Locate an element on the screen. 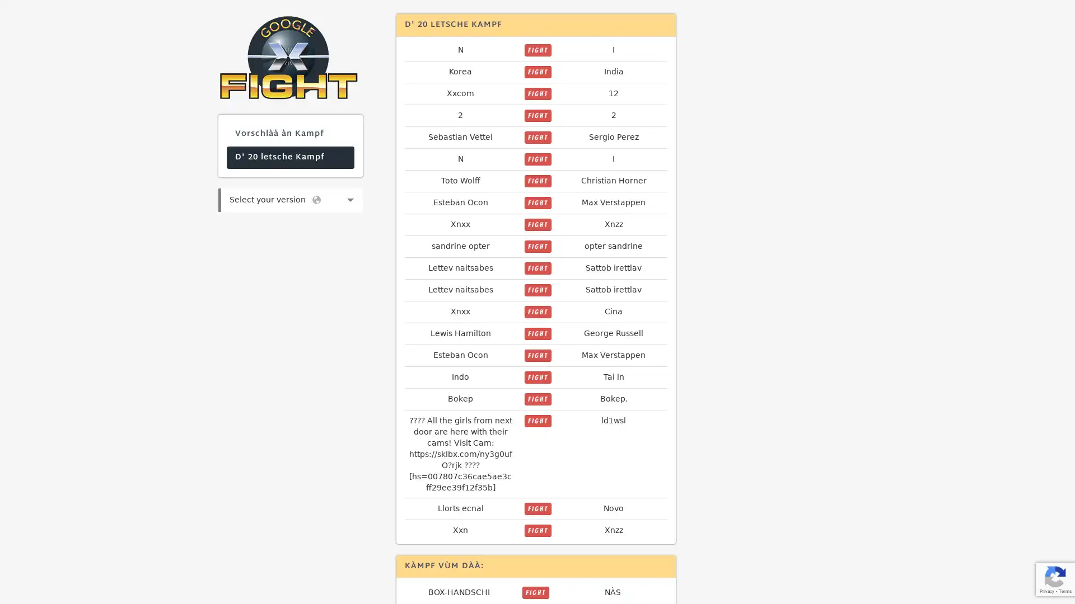  FIGHT is located at coordinates (537, 224).